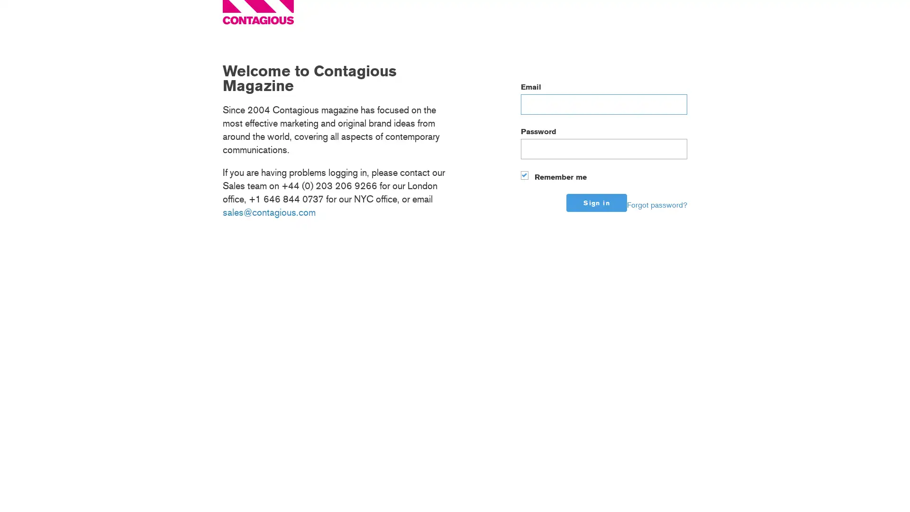 This screenshot has height=512, width=910. I want to click on Sign in, so click(596, 210).